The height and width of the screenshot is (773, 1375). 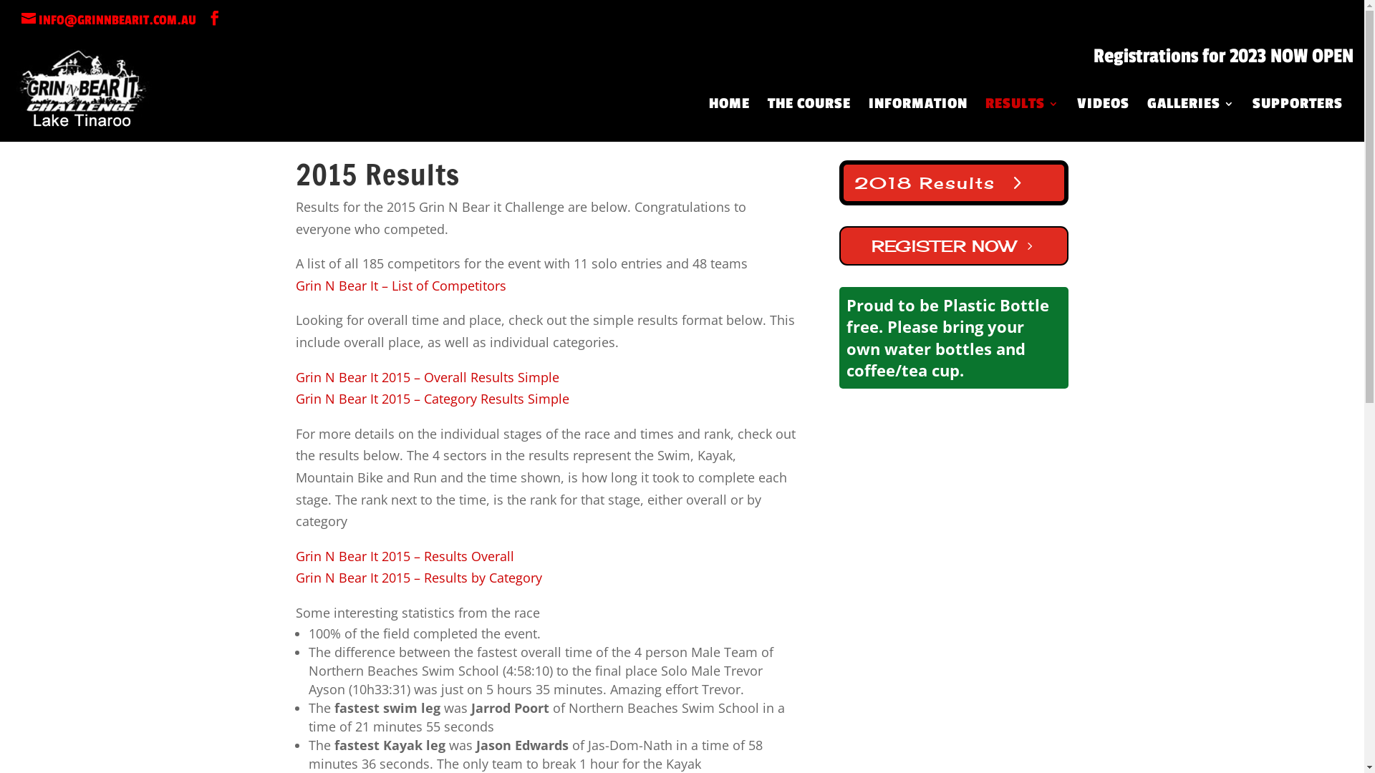 What do you see at coordinates (809, 120) in the screenshot?
I see `'THE COURSE'` at bounding box center [809, 120].